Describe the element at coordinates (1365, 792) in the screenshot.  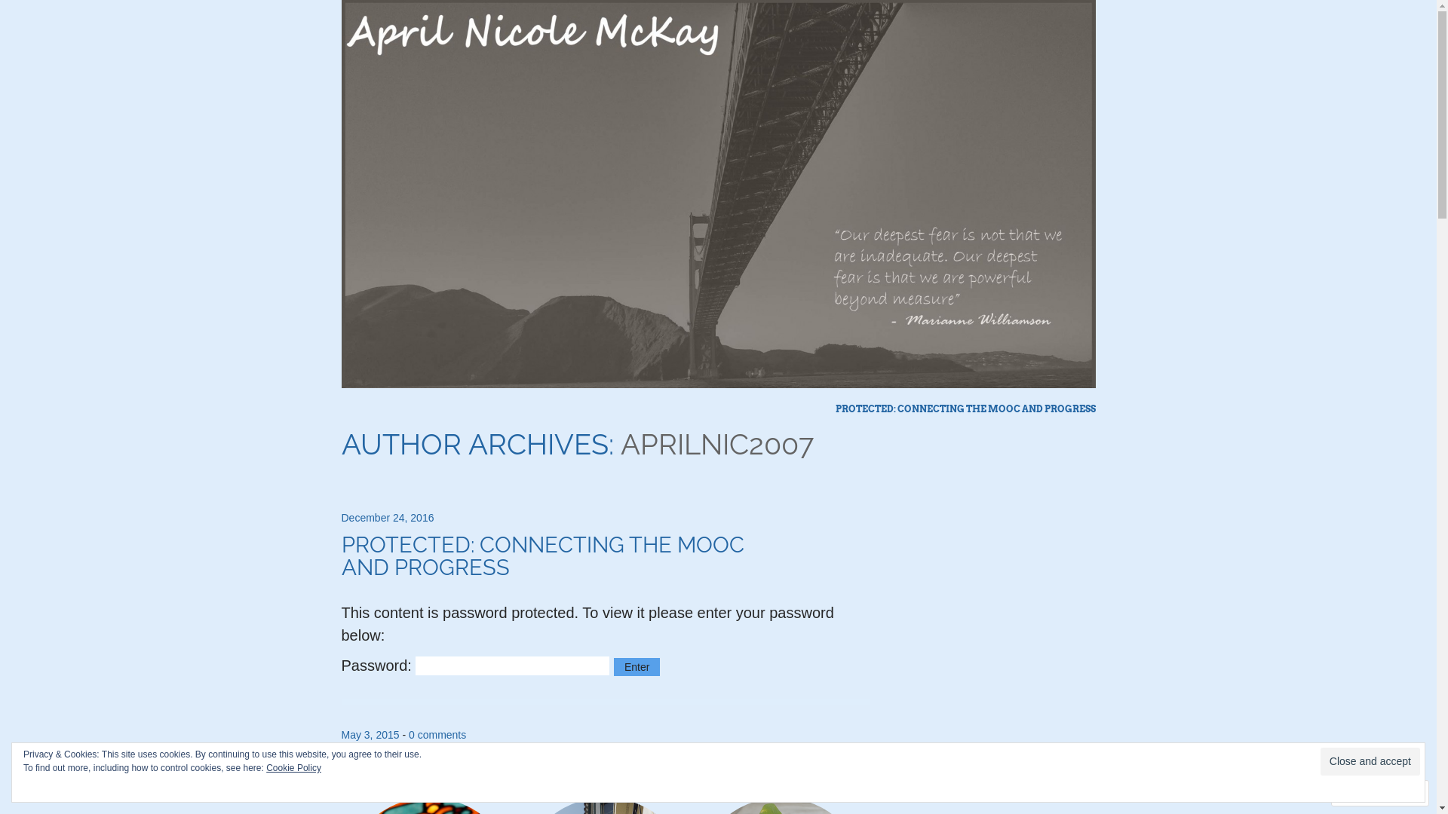
I see `'Follow'` at that location.